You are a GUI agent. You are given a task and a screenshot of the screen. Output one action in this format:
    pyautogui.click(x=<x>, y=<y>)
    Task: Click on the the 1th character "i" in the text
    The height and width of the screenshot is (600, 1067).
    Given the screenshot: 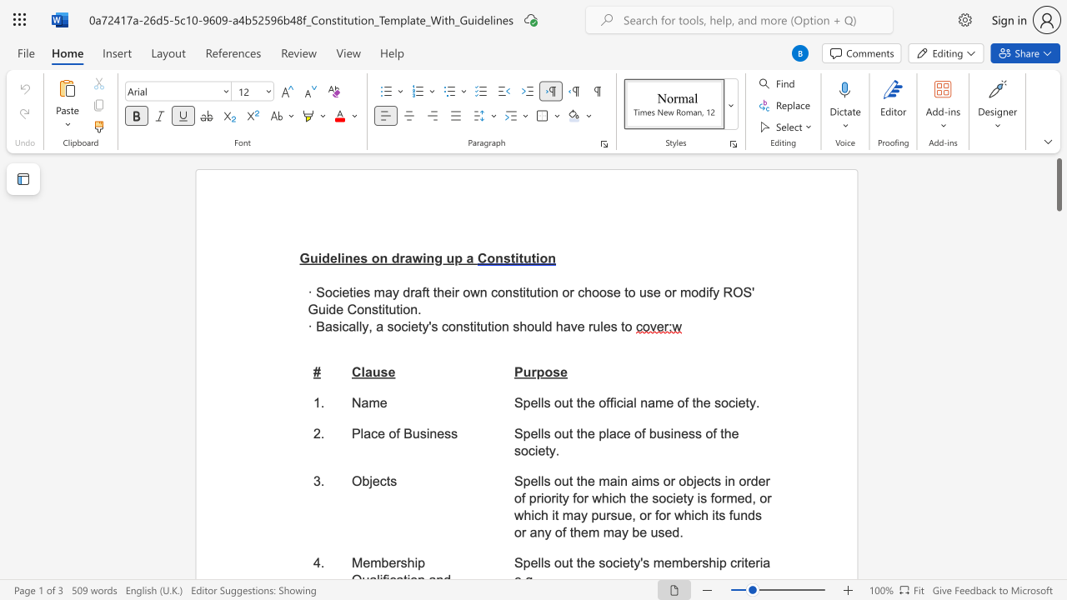 What is the action you would take?
    pyautogui.click(x=428, y=432)
    